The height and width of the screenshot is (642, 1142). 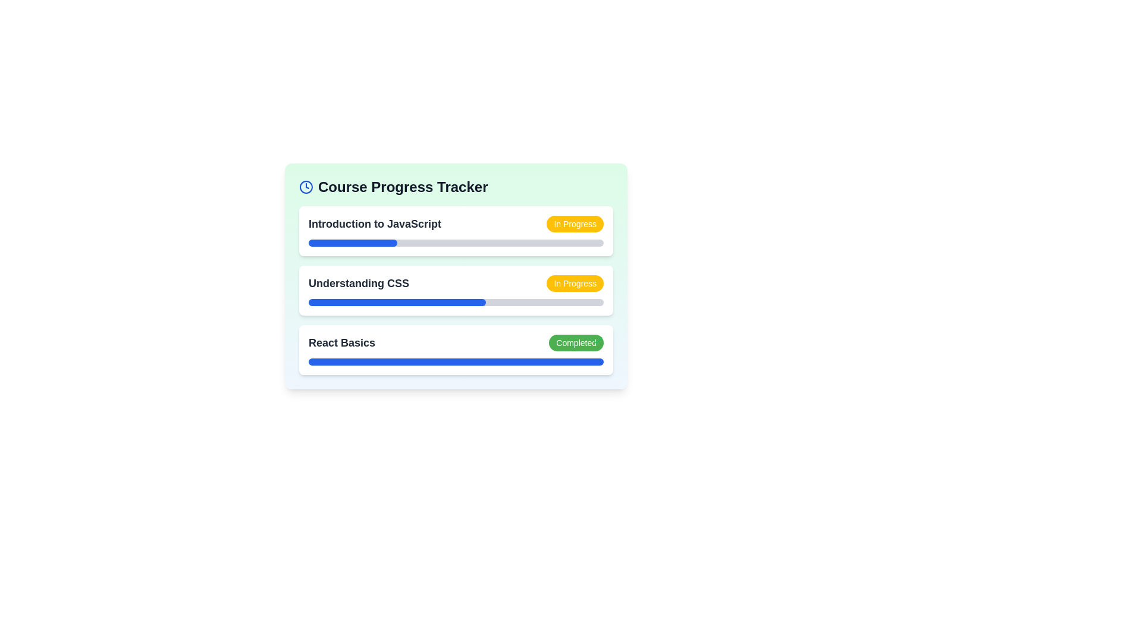 I want to click on progress details from the Progress card for the course 'Understanding CSS', which is the second card in the Course Progress Tracker section, so click(x=456, y=291).